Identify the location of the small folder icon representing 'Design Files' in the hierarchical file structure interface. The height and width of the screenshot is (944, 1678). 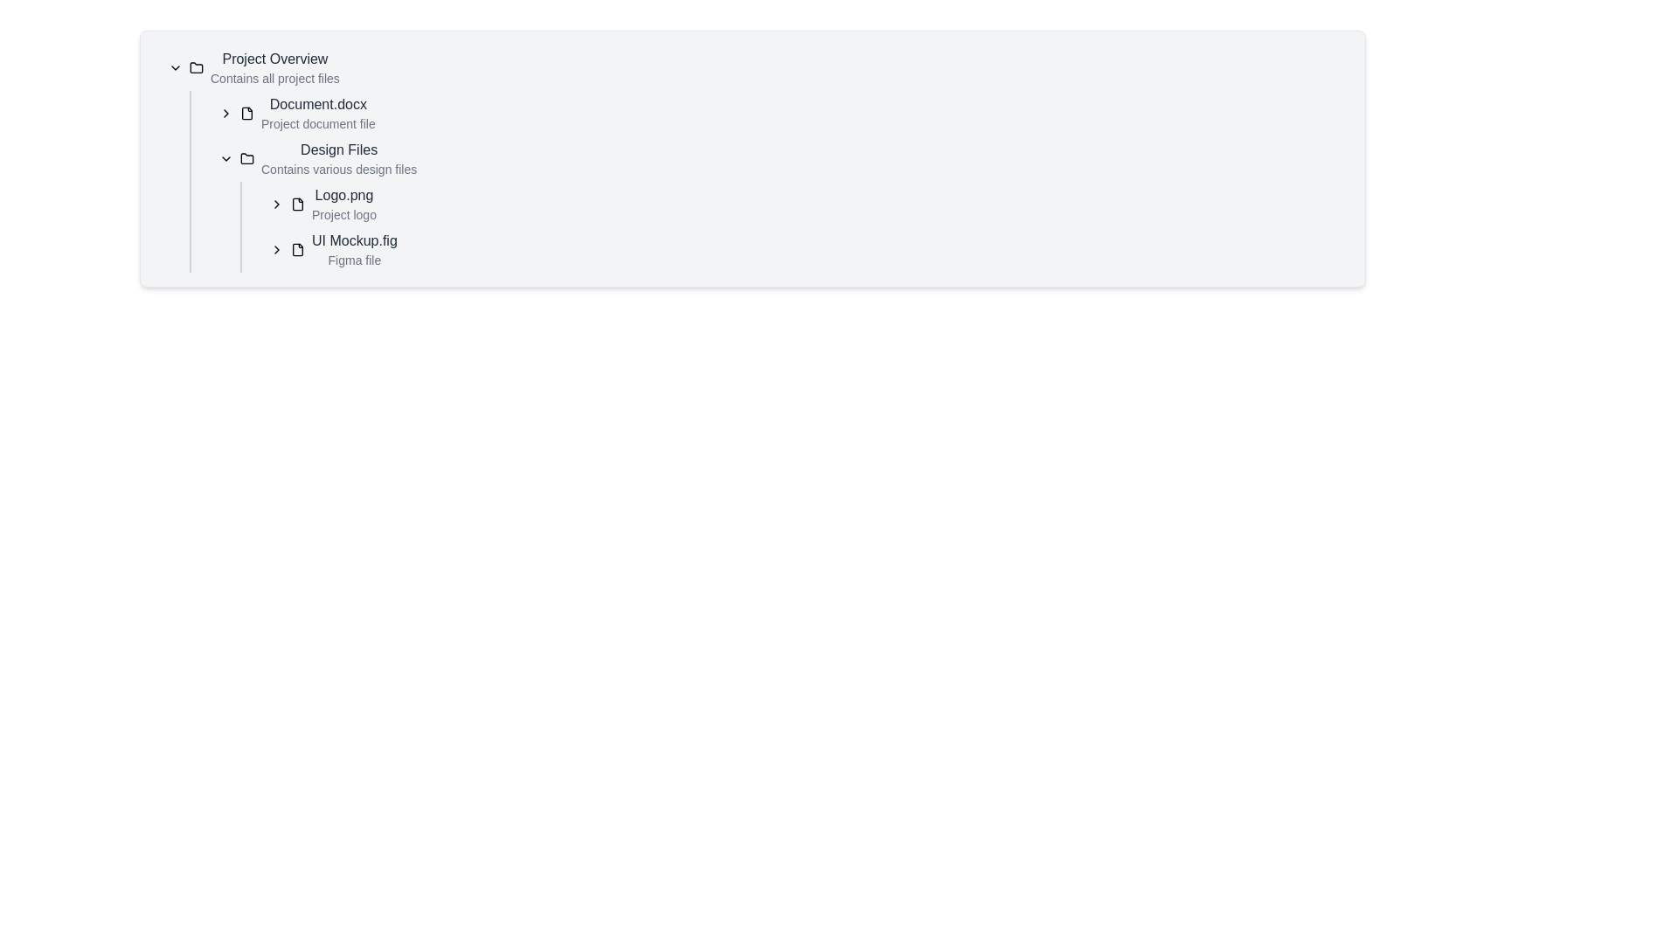
(246, 158).